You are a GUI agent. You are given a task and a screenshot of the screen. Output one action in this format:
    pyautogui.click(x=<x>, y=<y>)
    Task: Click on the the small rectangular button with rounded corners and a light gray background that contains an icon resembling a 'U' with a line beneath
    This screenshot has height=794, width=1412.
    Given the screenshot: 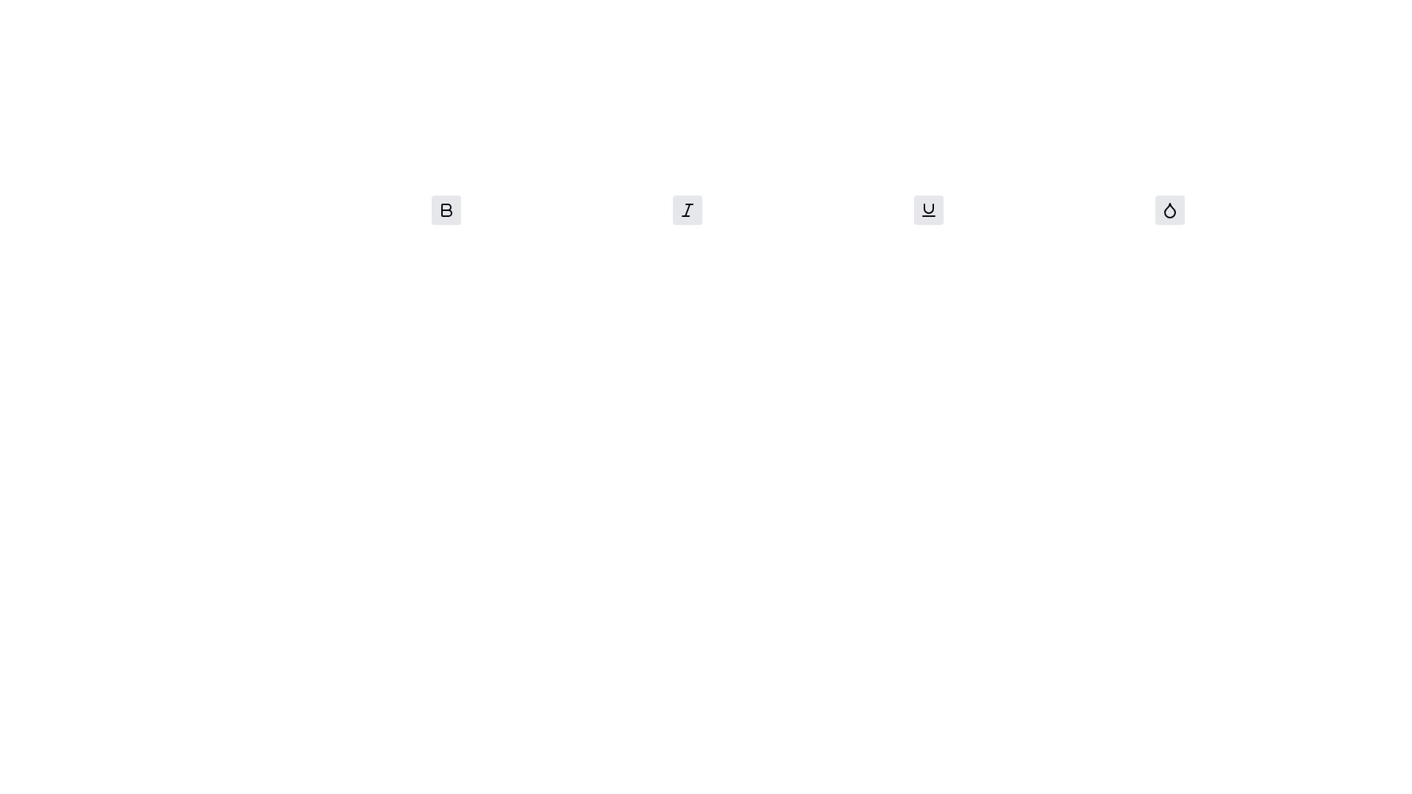 What is the action you would take?
    pyautogui.click(x=927, y=210)
    